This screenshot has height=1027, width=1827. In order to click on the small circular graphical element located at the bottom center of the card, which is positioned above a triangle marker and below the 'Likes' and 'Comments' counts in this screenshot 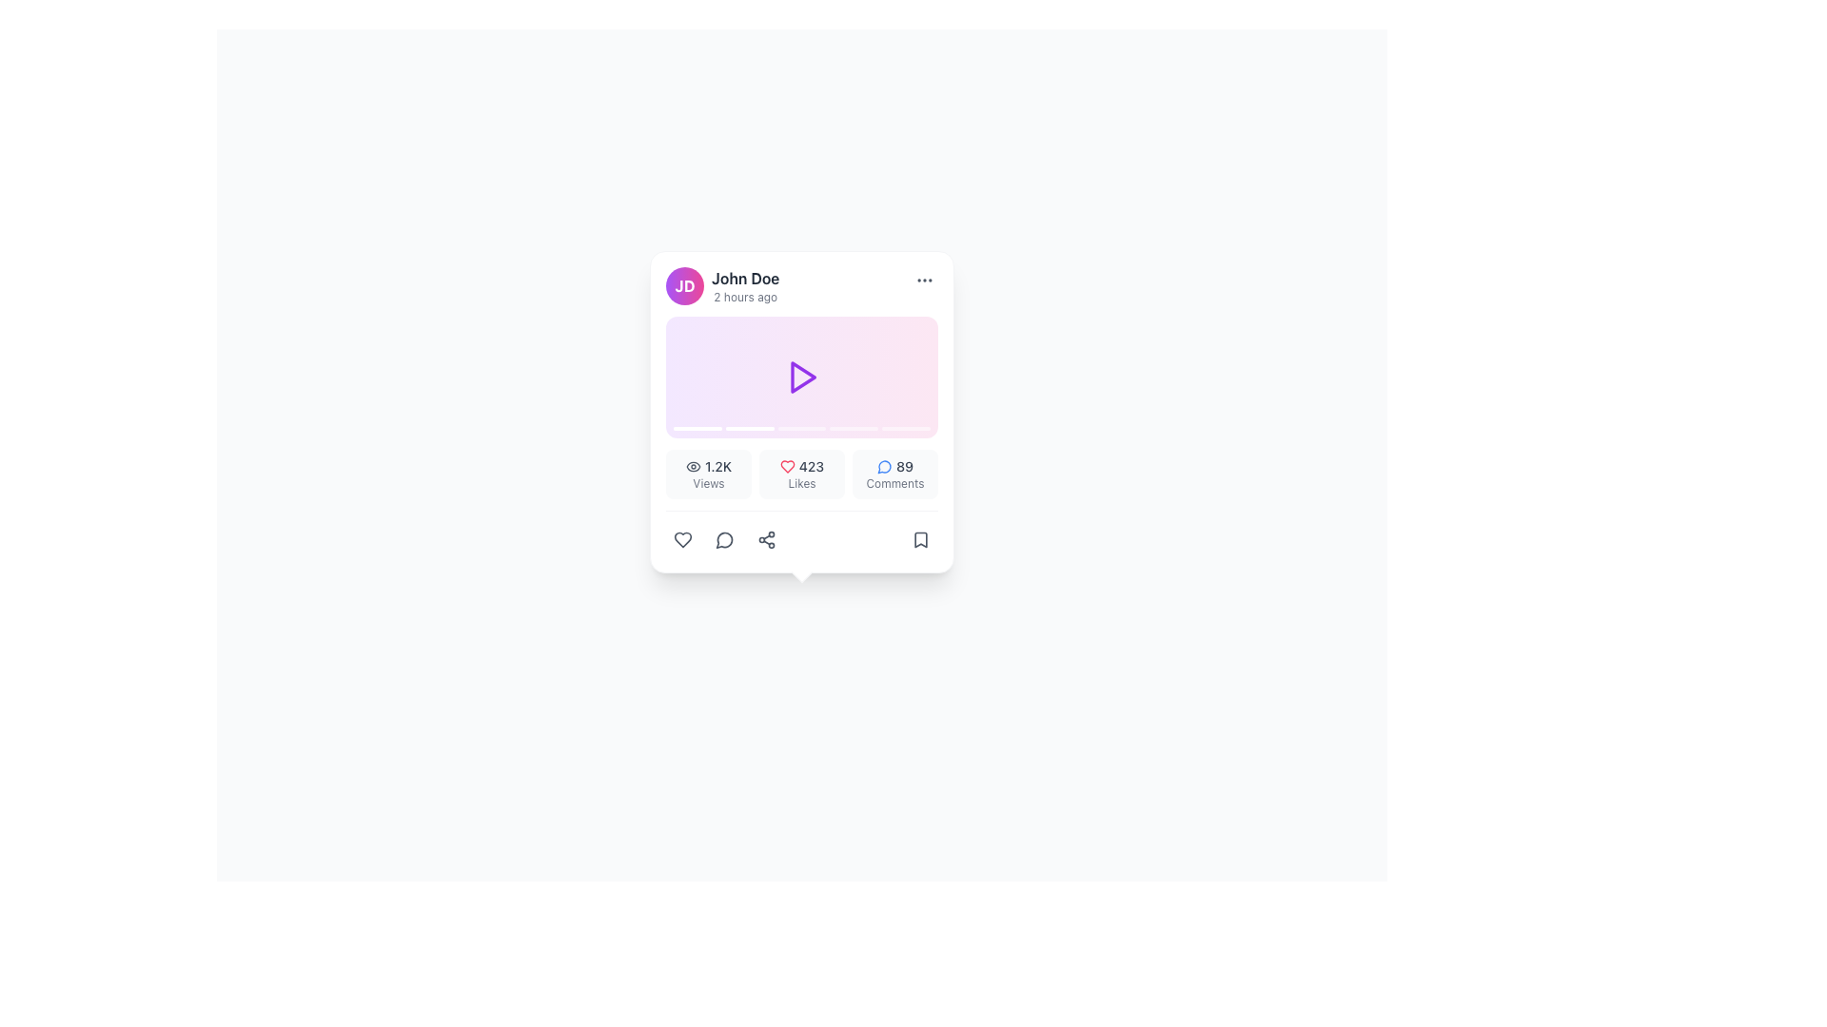, I will do `click(802, 542)`.